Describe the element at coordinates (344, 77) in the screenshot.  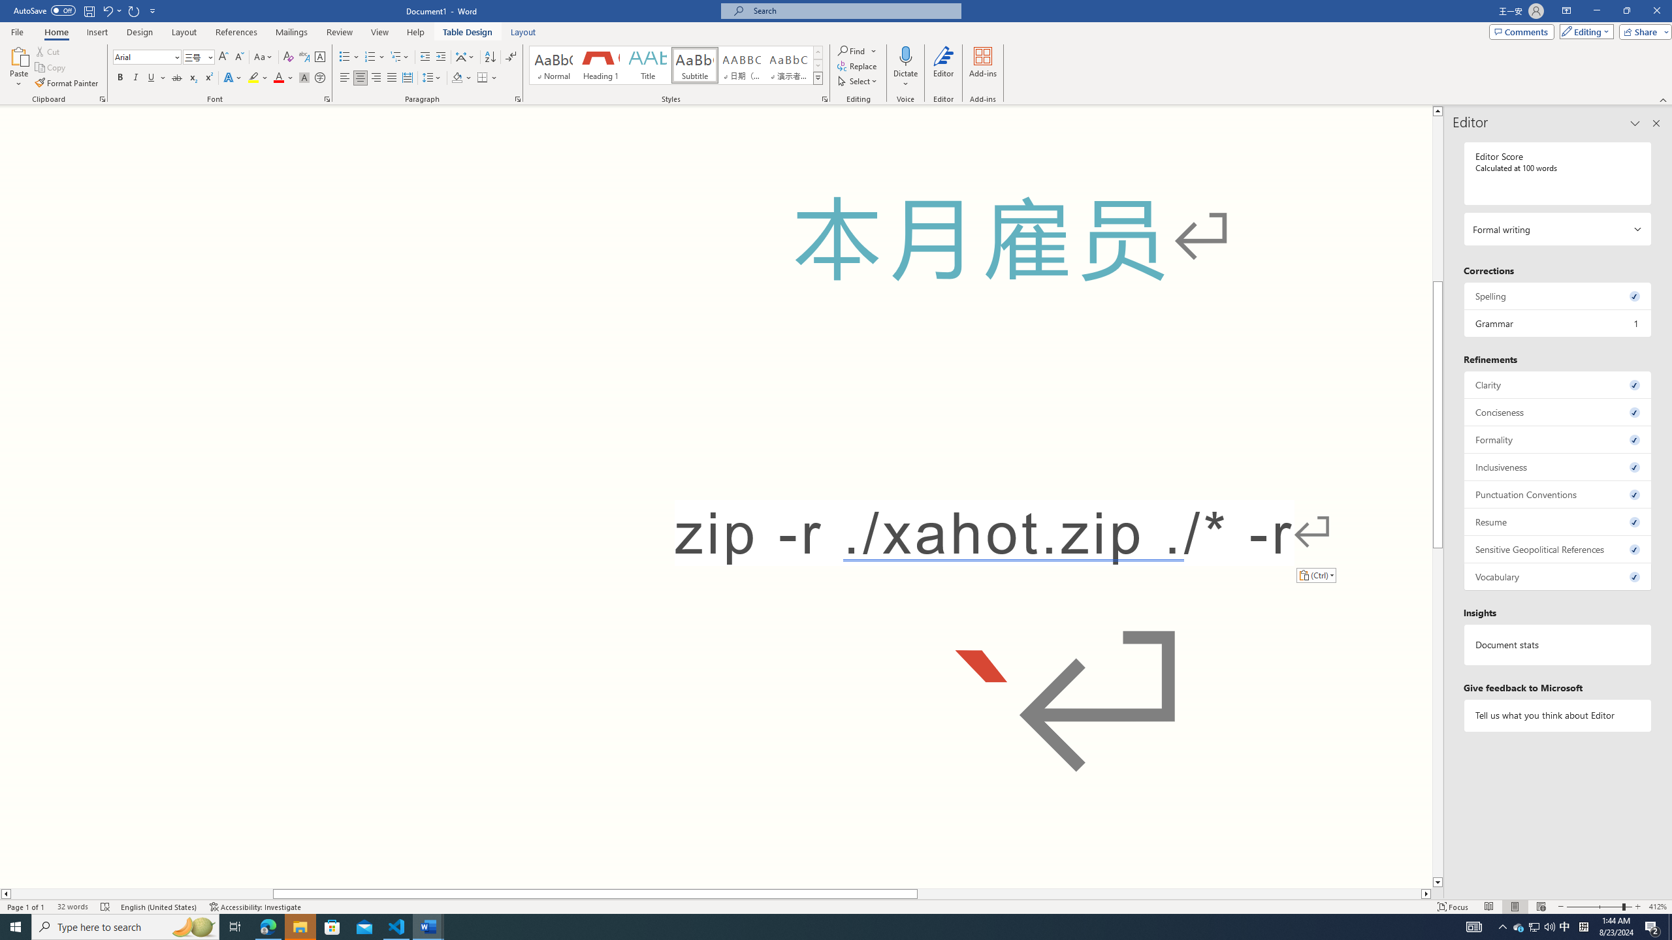
I see `'Align Left'` at that location.